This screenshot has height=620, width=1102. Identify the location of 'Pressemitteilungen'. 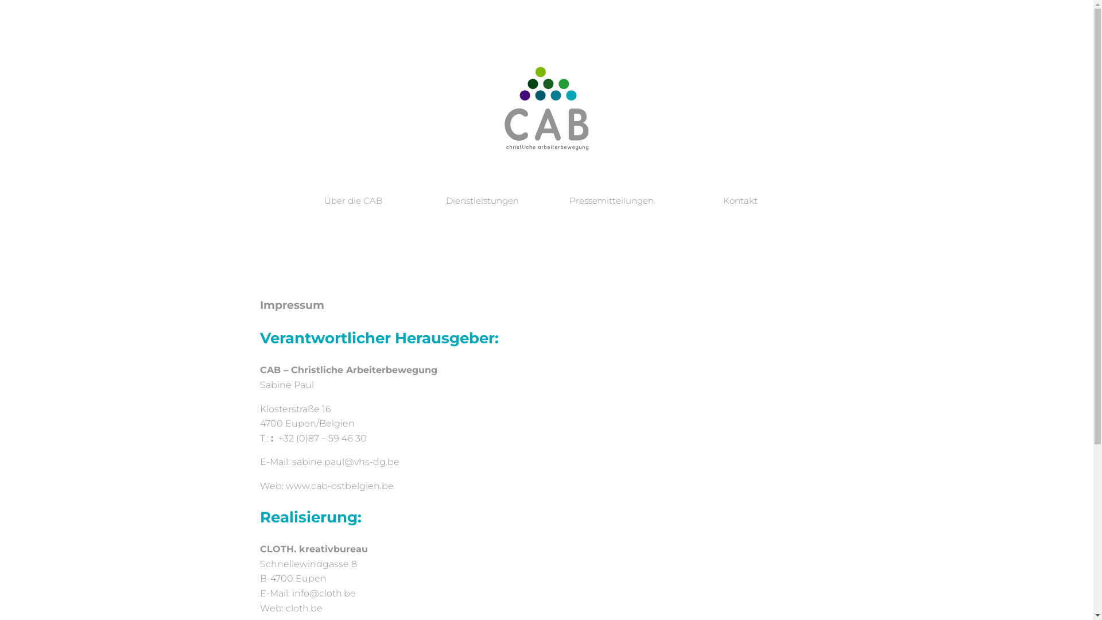
(611, 200).